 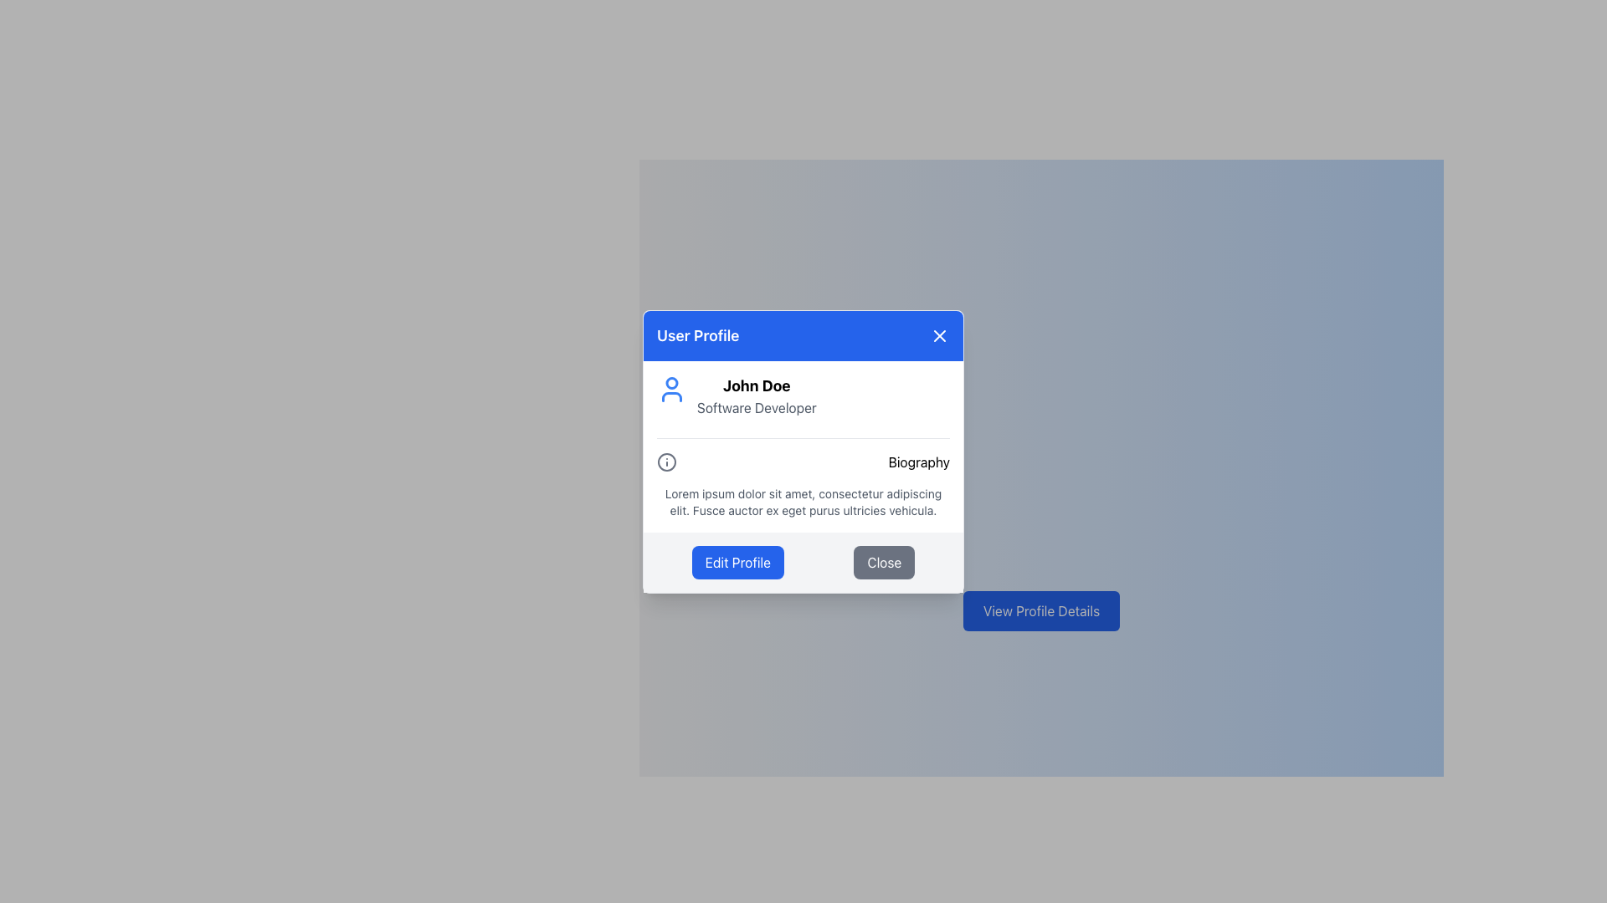 I want to click on the Text Display element that shows 'John Doe' and 'Software Developer', located at the top left of the dialog box, next to a person icon, so click(x=756, y=395).